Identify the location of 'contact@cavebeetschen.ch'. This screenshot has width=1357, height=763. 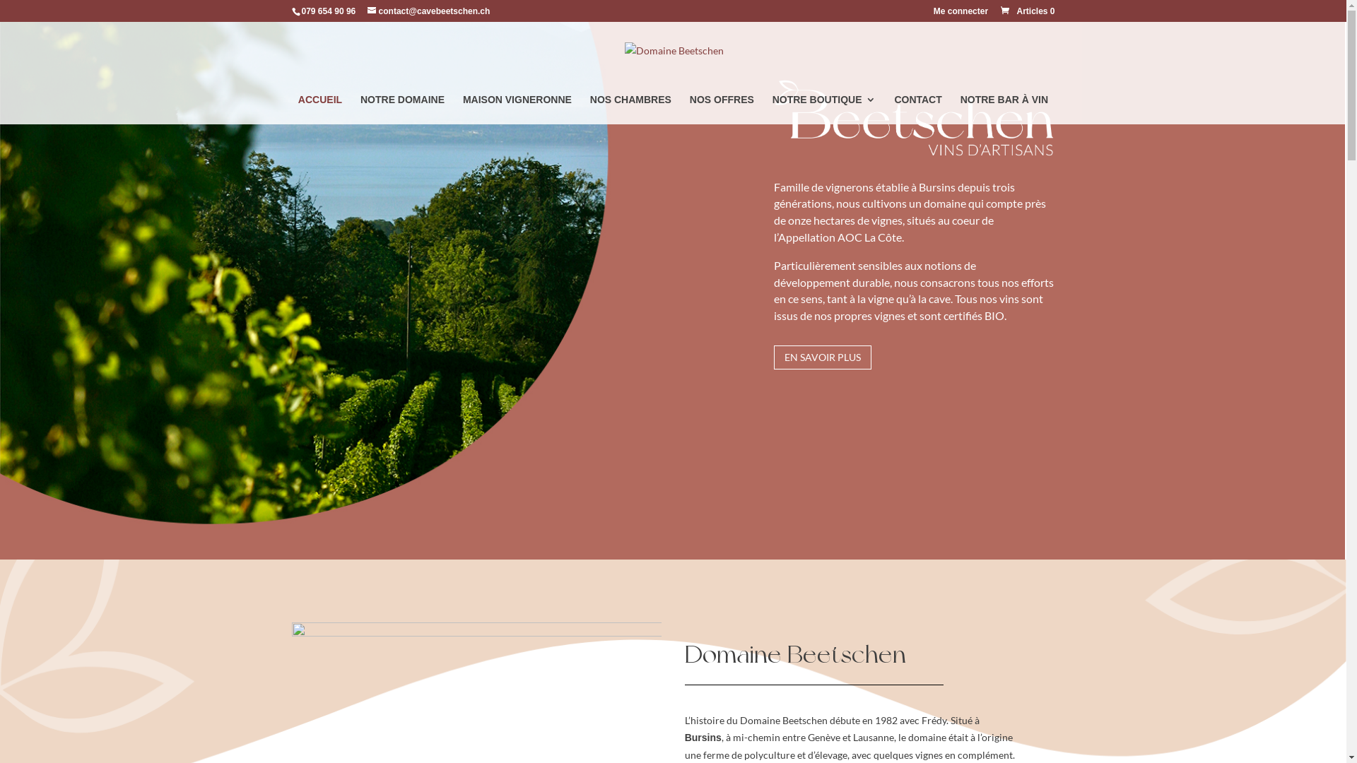
(367, 11).